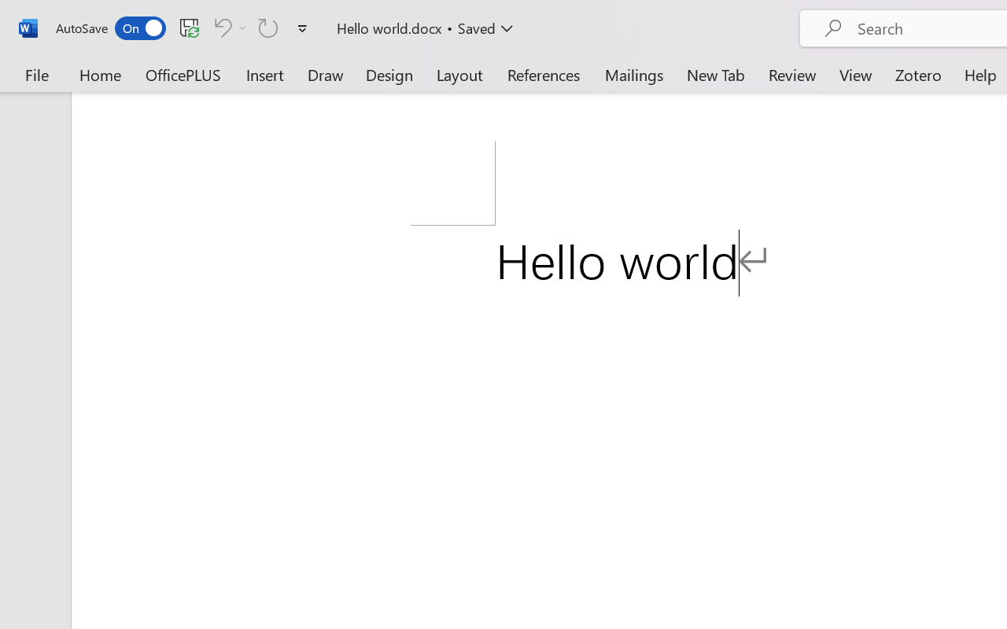 This screenshot has height=629, width=1007. I want to click on 'Home', so click(100, 74).